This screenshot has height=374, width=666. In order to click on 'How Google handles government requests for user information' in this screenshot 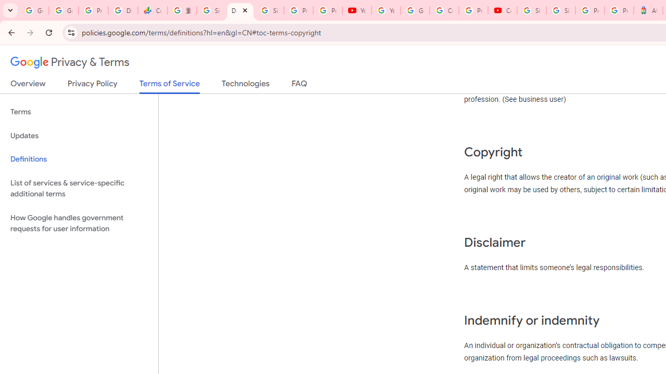, I will do `click(79, 222)`.